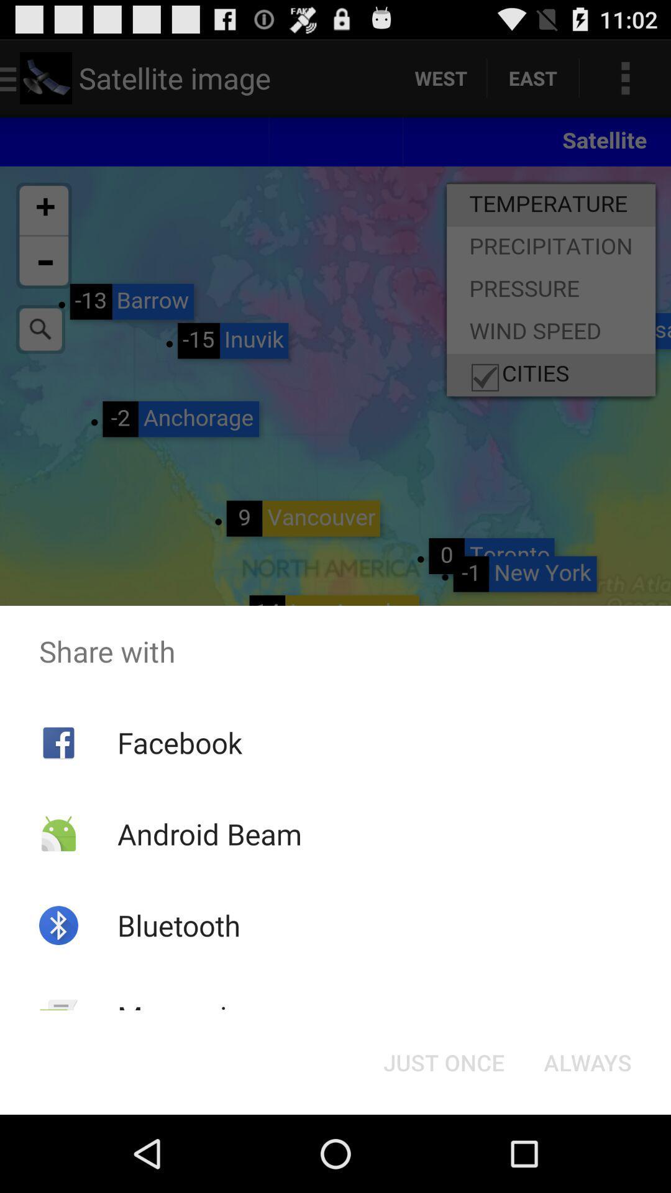 This screenshot has width=671, height=1193. What do you see at coordinates (587, 1061) in the screenshot?
I see `the always button` at bounding box center [587, 1061].